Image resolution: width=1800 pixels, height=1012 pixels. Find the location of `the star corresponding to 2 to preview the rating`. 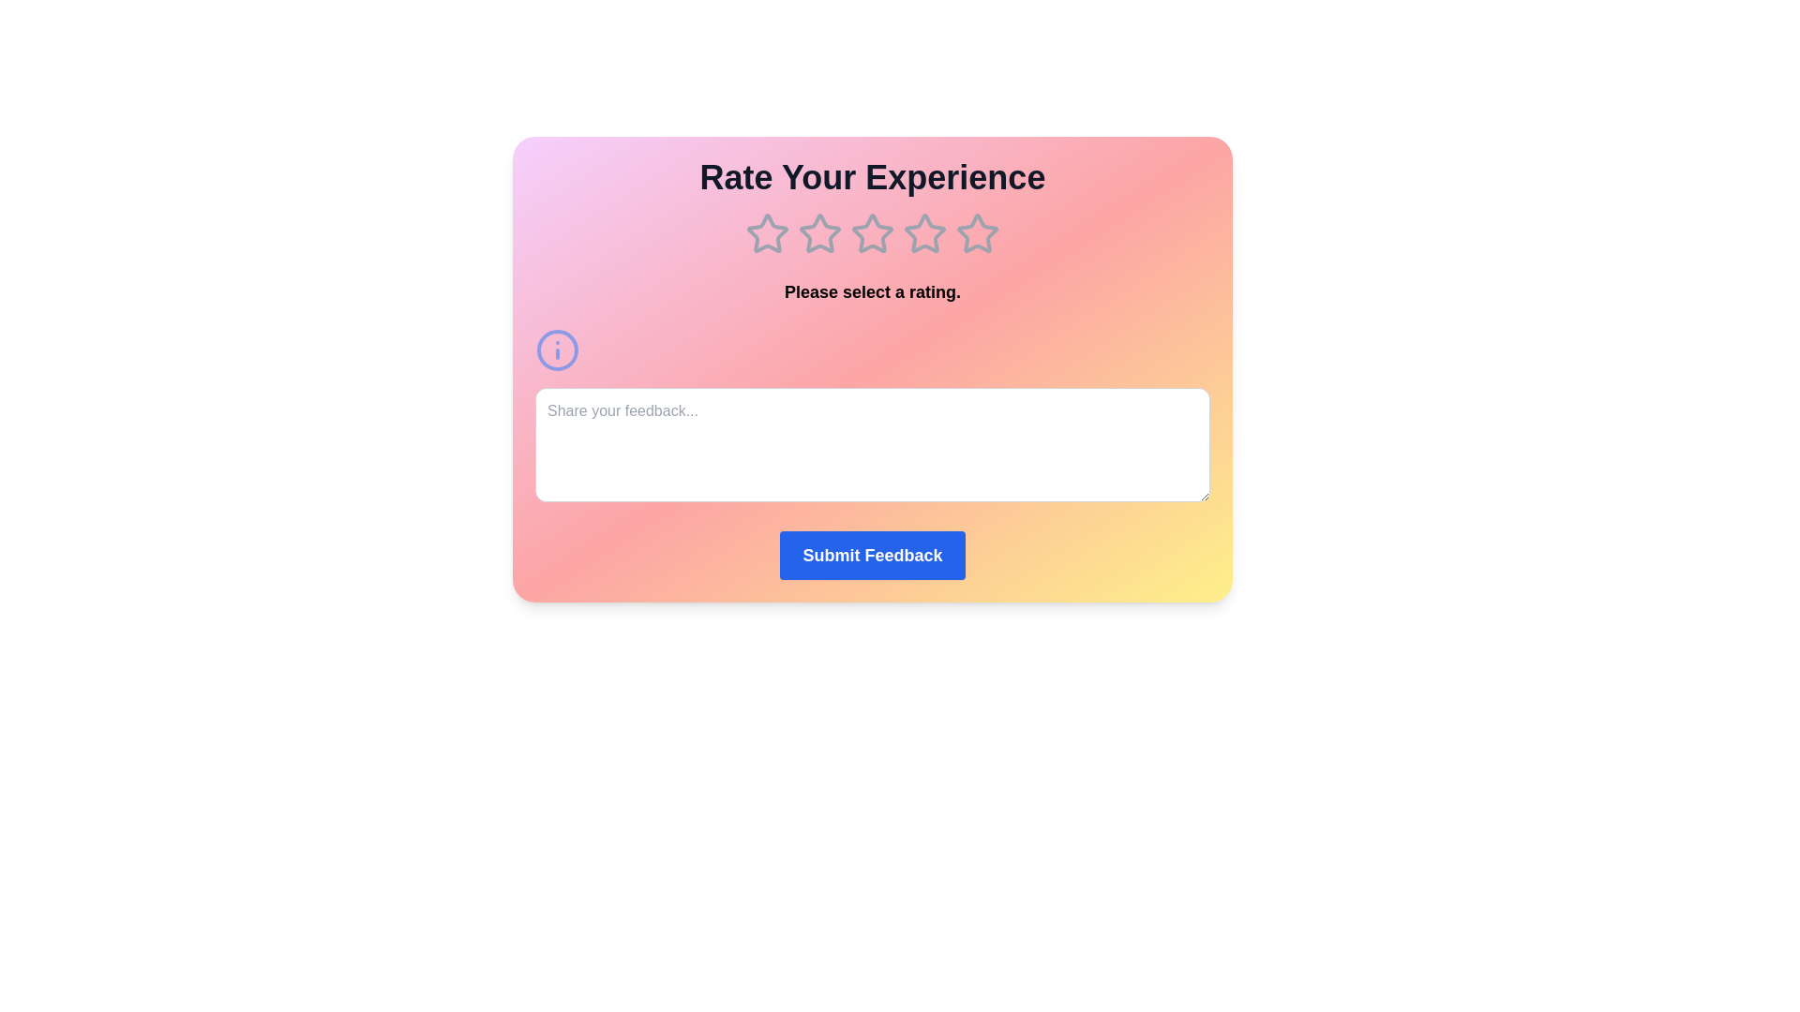

the star corresponding to 2 to preview the rating is located at coordinates (819, 233).